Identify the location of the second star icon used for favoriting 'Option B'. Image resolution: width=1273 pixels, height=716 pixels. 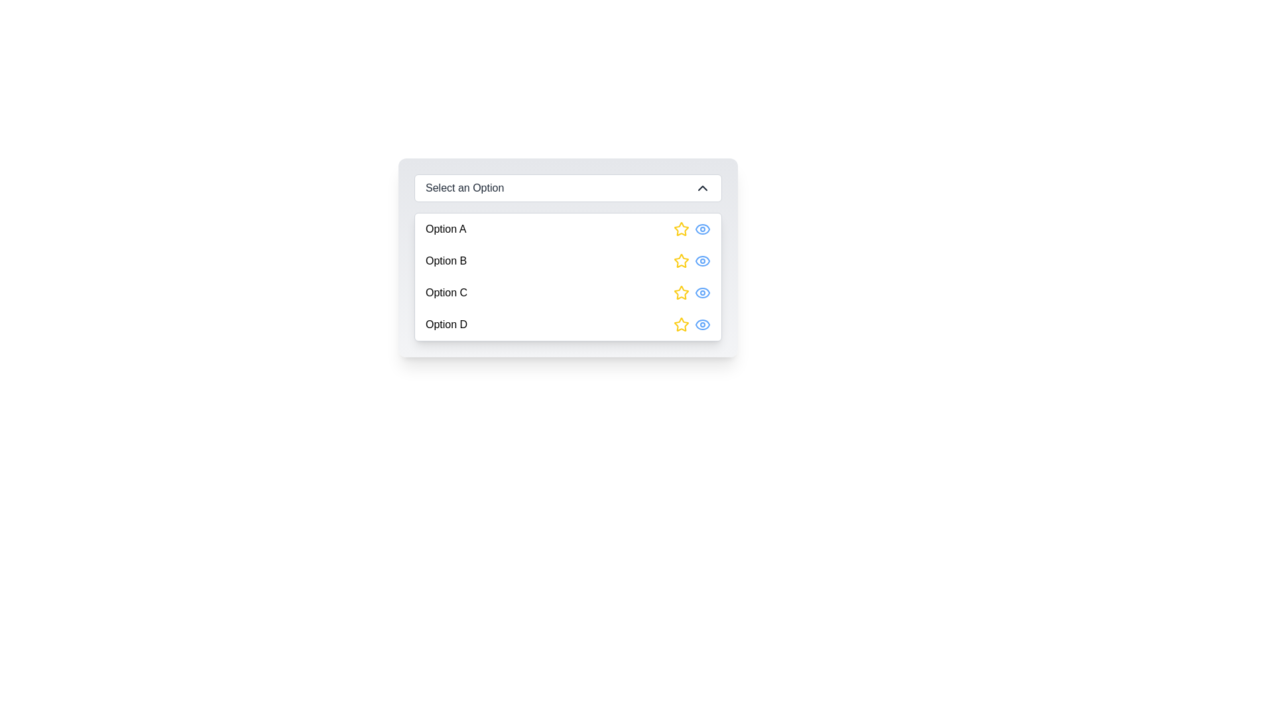
(681, 261).